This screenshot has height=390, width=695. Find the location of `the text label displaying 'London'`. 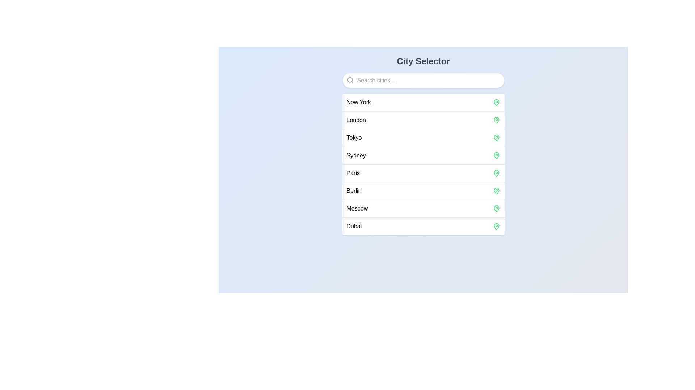

the text label displaying 'London' is located at coordinates (356, 120).